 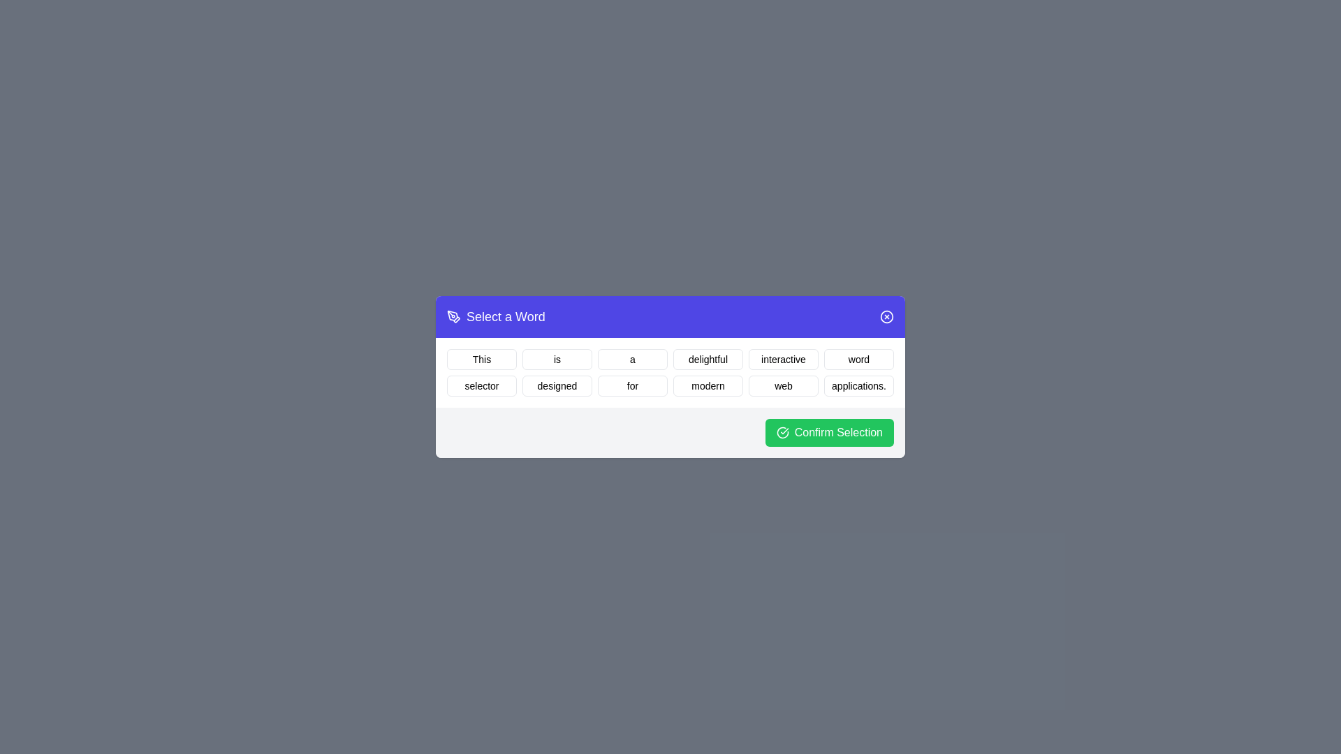 What do you see at coordinates (886, 317) in the screenshot?
I see `the close button in the header to close the dialog` at bounding box center [886, 317].